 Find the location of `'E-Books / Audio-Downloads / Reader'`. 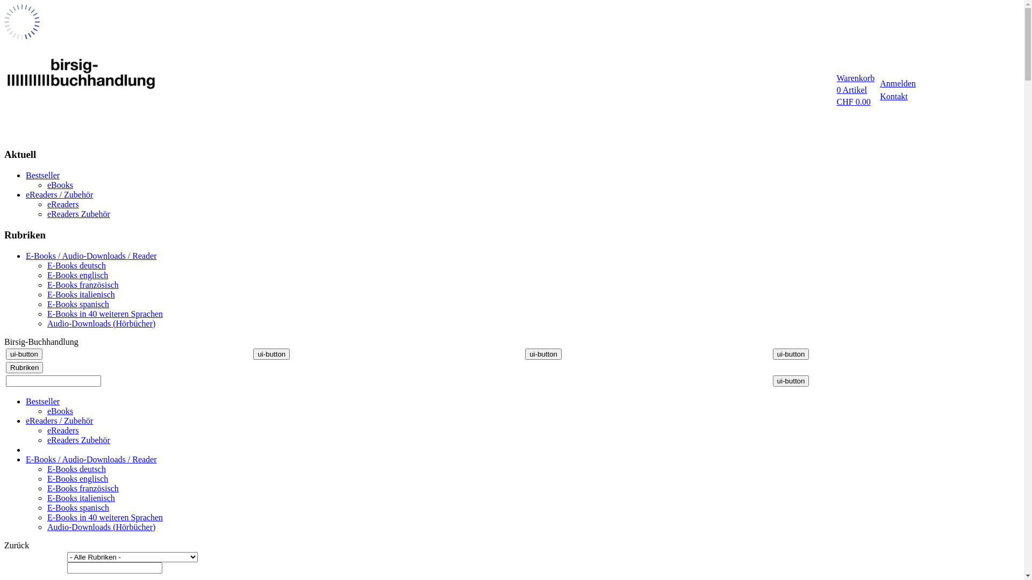

'E-Books / Audio-Downloads / Reader' is located at coordinates (91, 459).